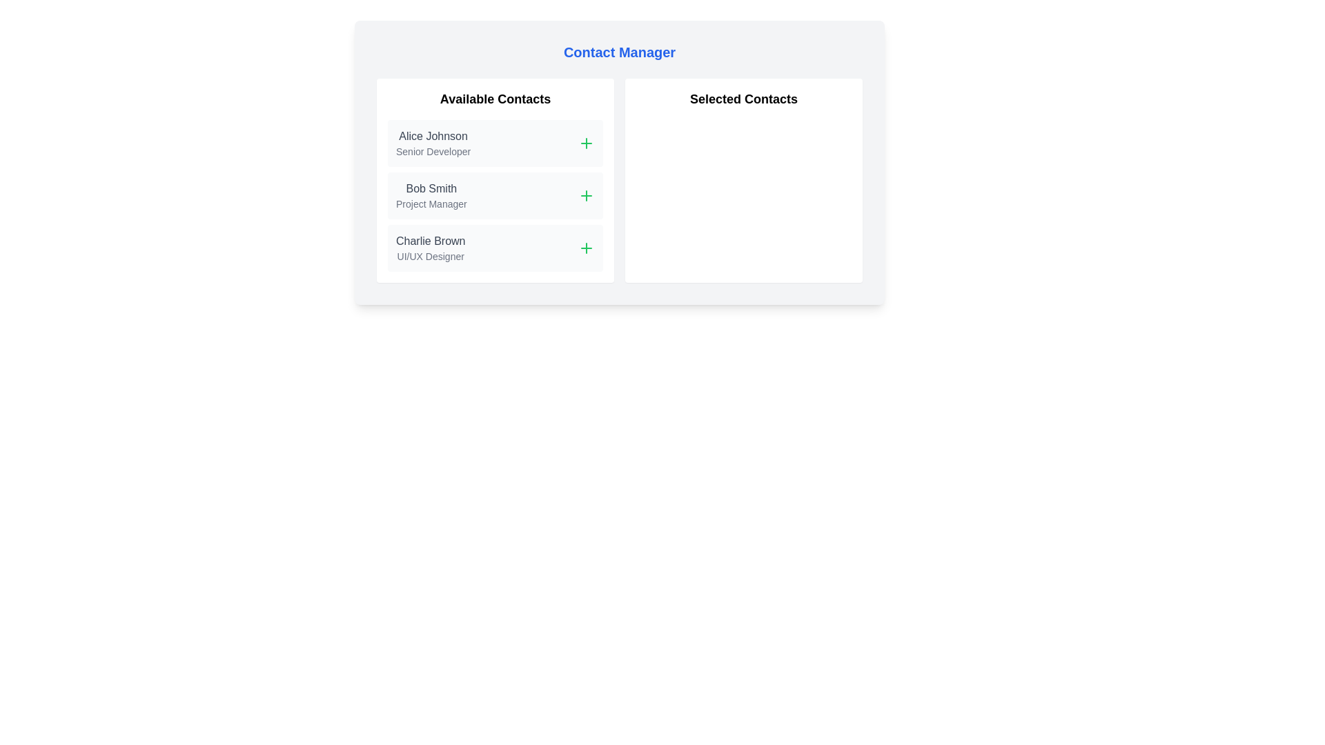 The image size is (1325, 745). Describe the element at coordinates (431, 196) in the screenshot. I see `the Text Display element showing 'Bob Smith' and 'Project Manager' in the 'Available Contacts' section` at that location.